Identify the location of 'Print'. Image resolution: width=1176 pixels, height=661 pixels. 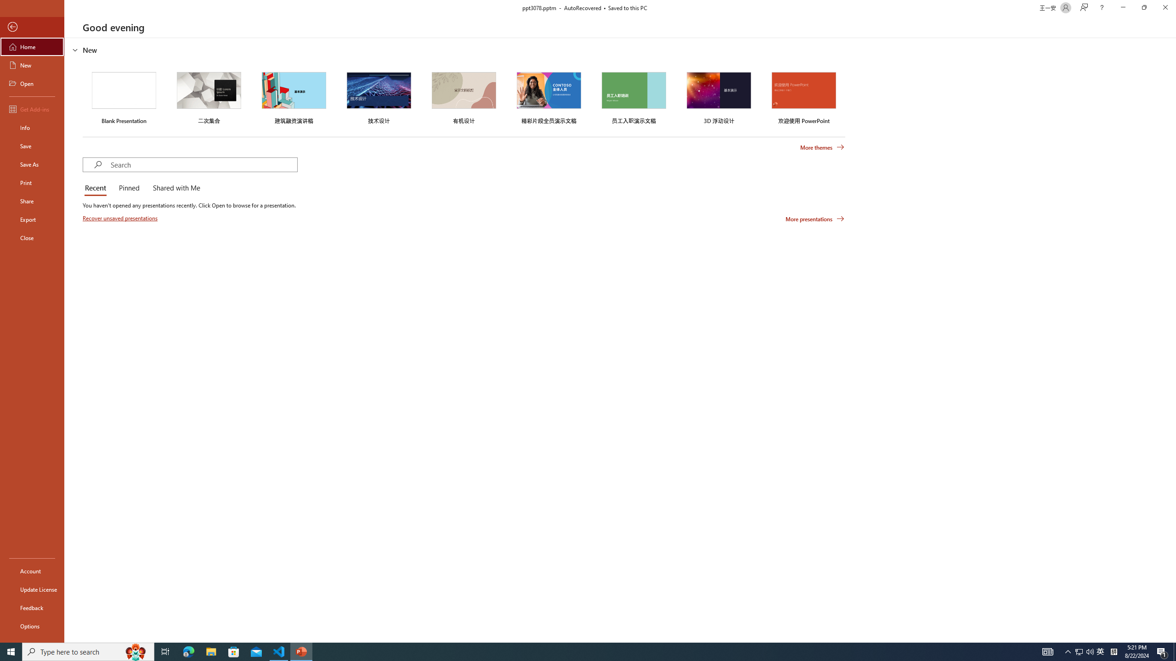
(32, 182).